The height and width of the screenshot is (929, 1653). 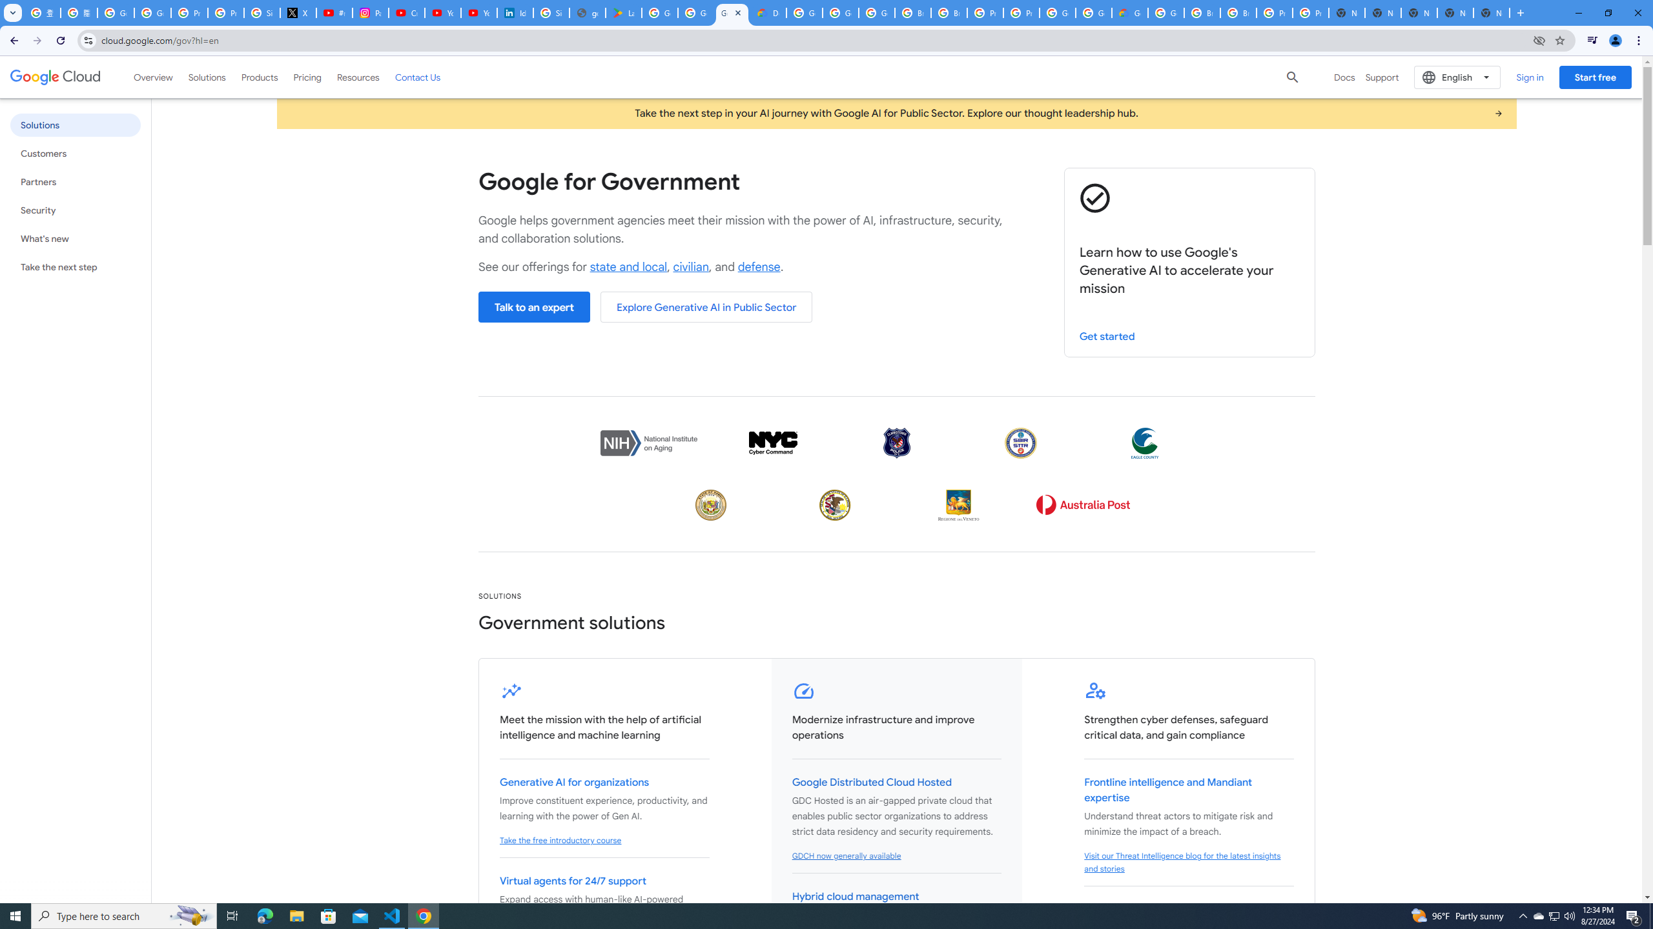 What do you see at coordinates (1168, 790) in the screenshot?
I see `'Frontline intelligence and Mandiant expertise'` at bounding box center [1168, 790].